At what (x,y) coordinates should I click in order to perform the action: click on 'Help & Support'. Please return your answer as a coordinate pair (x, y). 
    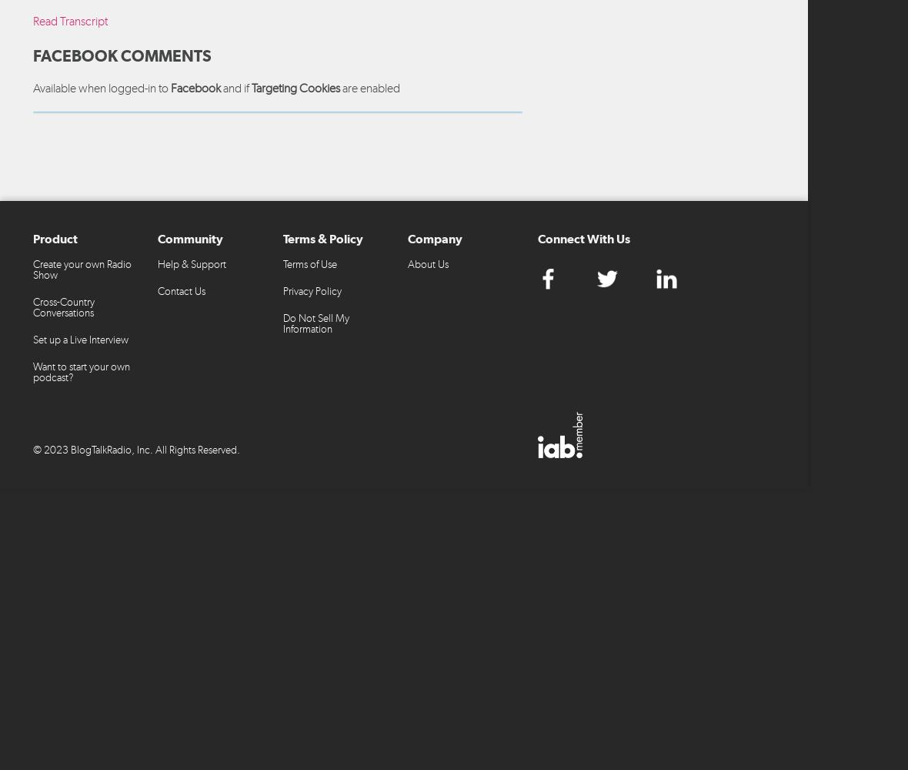
    Looking at the image, I should click on (157, 263).